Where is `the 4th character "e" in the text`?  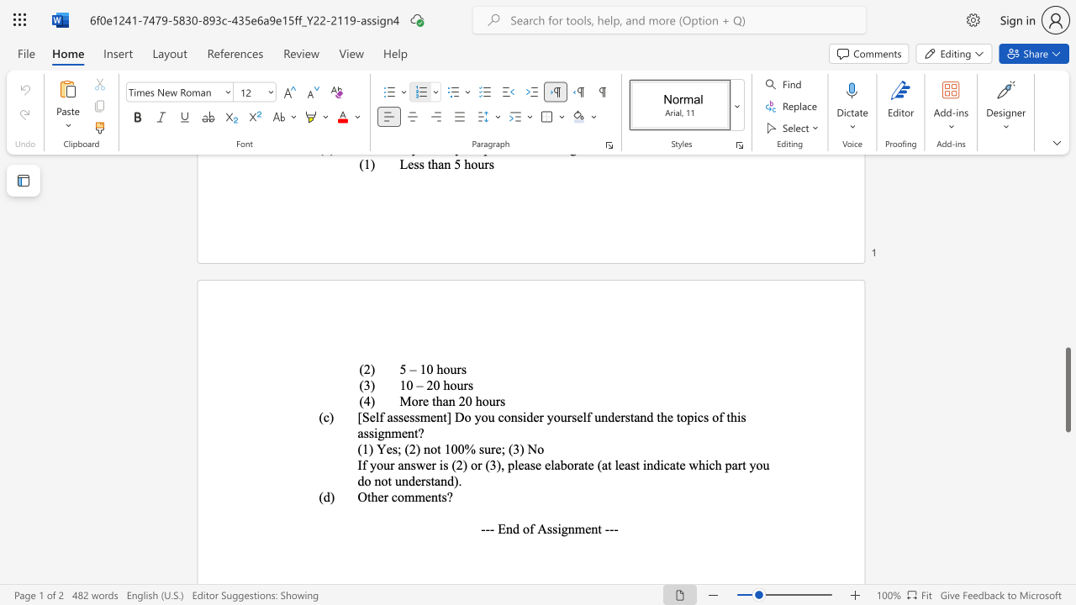
the 4th character "e" in the text is located at coordinates (535, 416).